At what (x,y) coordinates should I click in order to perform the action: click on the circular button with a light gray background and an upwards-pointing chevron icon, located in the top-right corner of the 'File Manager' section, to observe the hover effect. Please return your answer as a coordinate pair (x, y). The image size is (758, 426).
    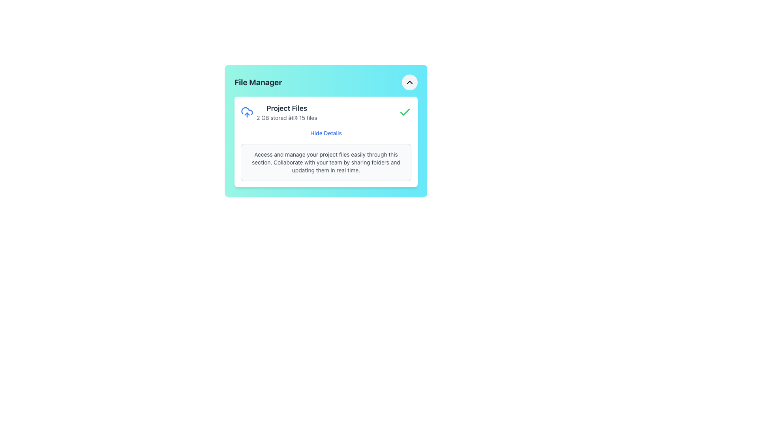
    Looking at the image, I should click on (409, 82).